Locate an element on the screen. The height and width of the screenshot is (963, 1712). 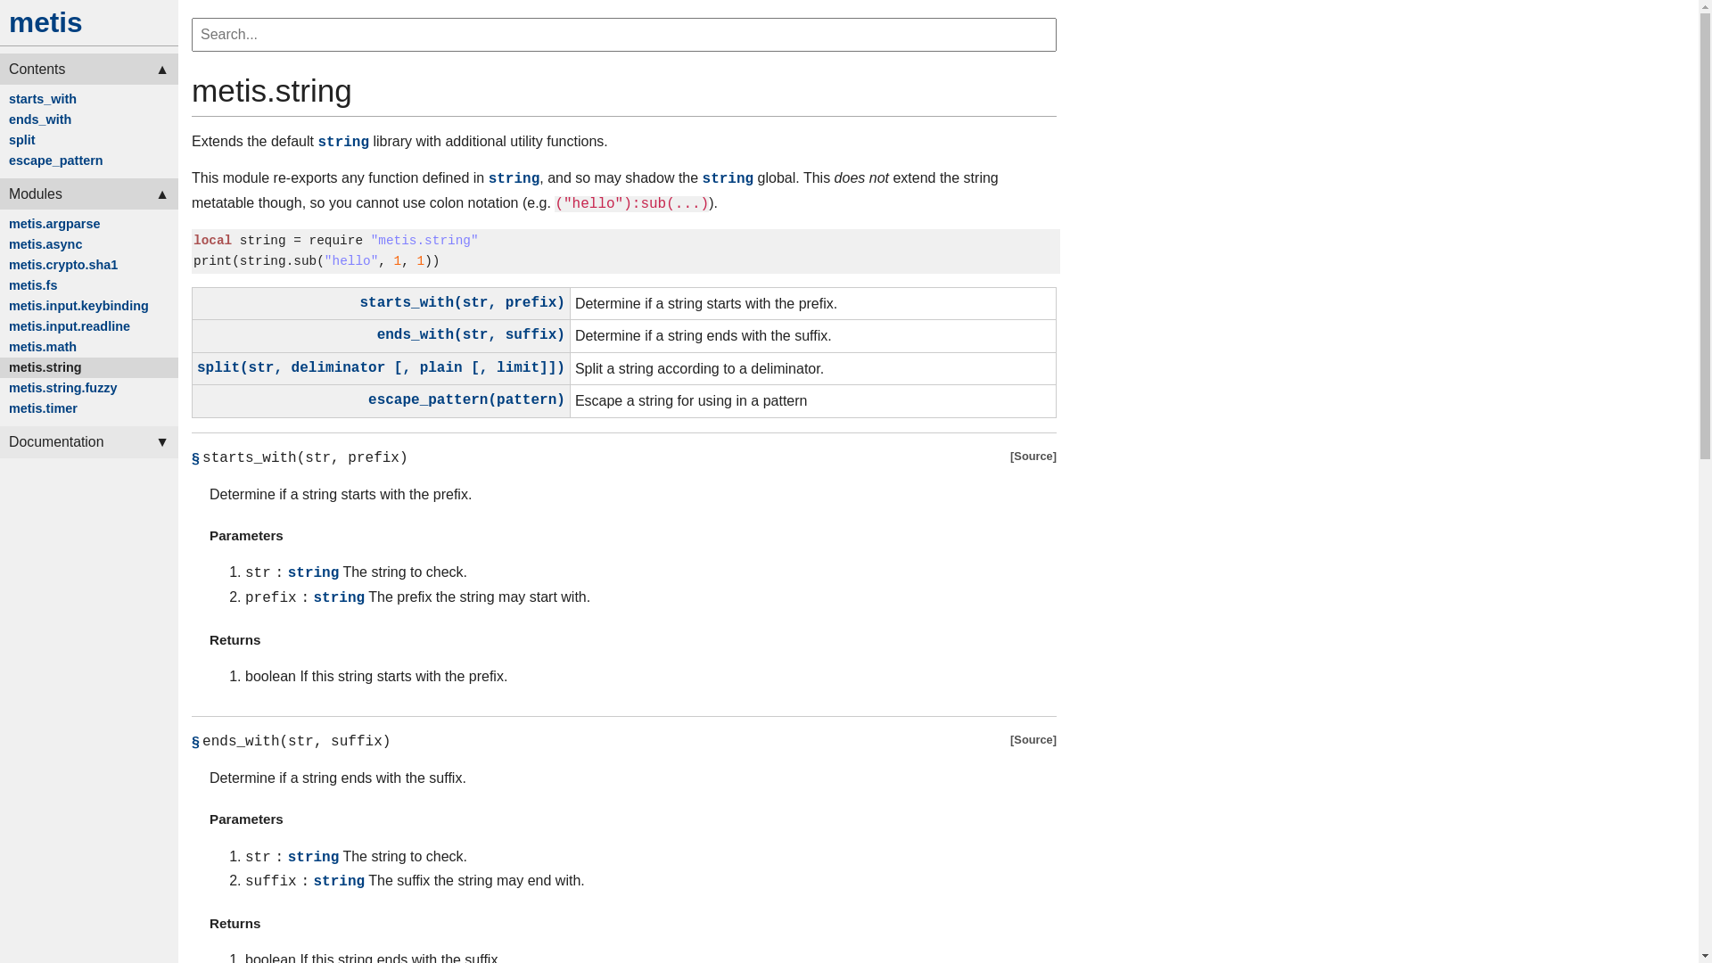
'starts_with(str, prefix)' is located at coordinates (462, 301).